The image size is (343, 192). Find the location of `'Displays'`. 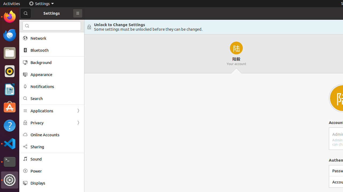

'Displays' is located at coordinates (55, 183).